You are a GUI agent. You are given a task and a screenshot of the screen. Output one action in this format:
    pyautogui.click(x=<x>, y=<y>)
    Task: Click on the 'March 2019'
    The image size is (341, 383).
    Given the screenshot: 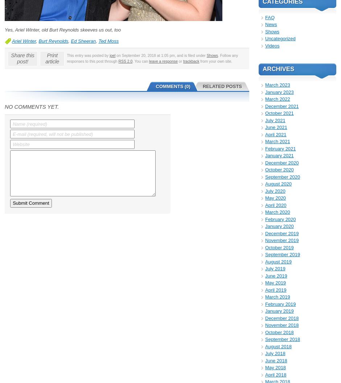 What is the action you would take?
    pyautogui.click(x=277, y=297)
    